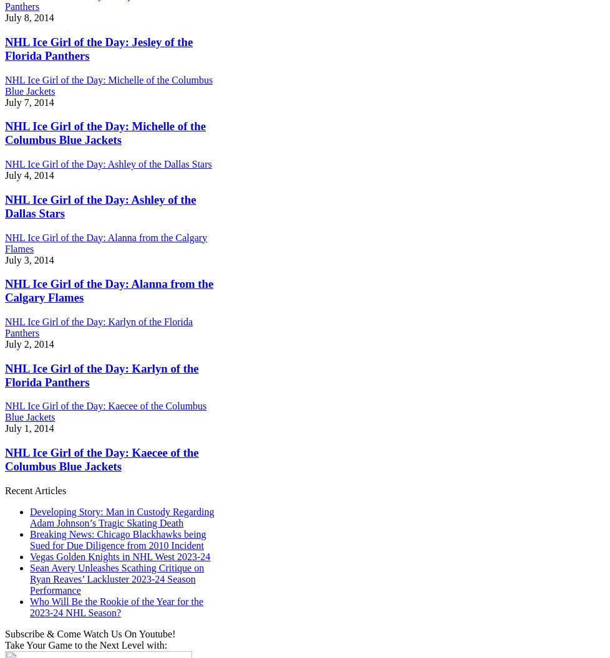 The width and height of the screenshot is (610, 658). I want to click on 'Vegas Golden Knights in NHL West 2023-24', so click(120, 555).